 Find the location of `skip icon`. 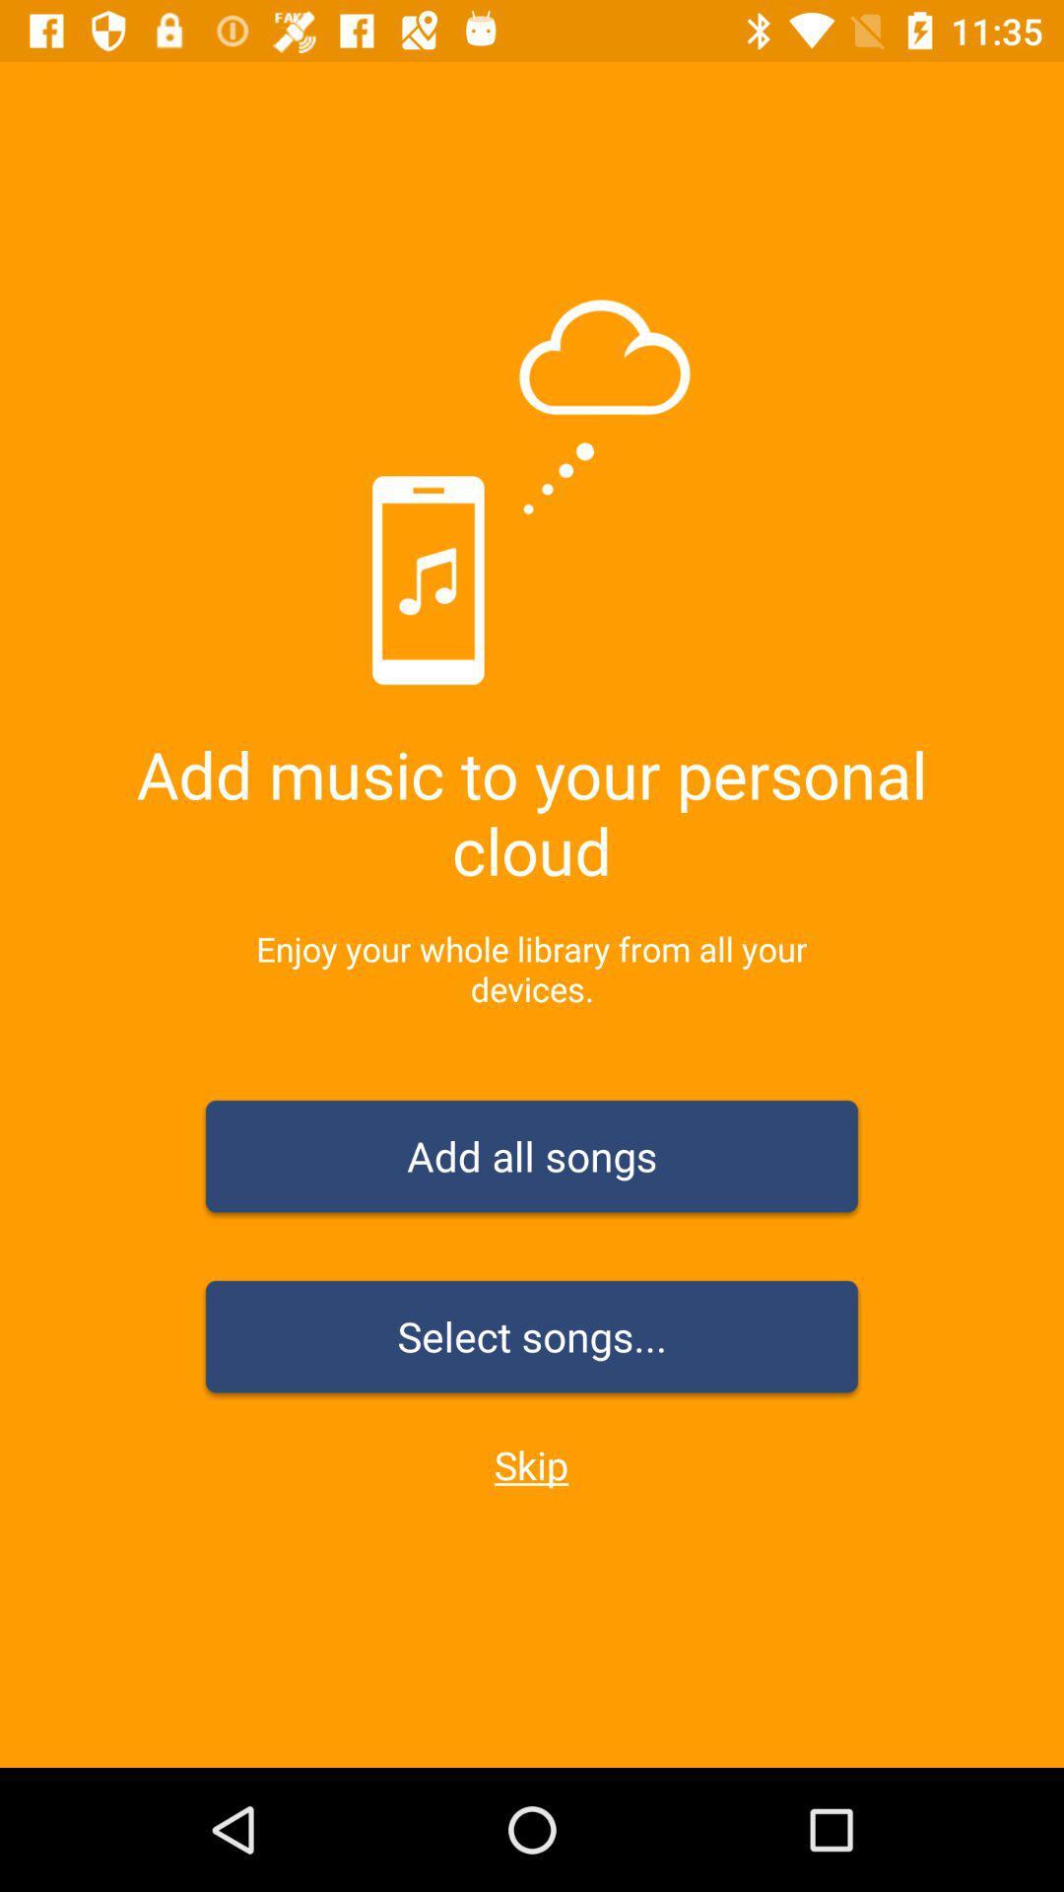

skip icon is located at coordinates (530, 1464).